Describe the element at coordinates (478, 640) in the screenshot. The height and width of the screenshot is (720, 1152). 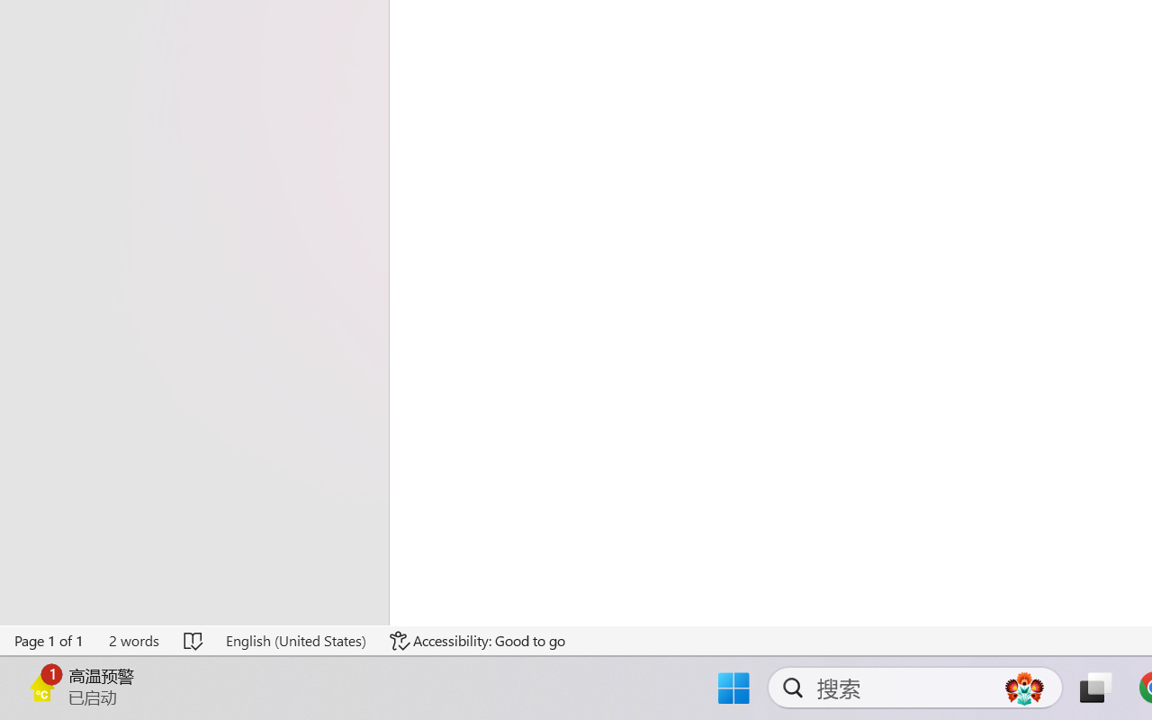
I see `'Accessibility Checker Accessibility: Good to go'` at that location.